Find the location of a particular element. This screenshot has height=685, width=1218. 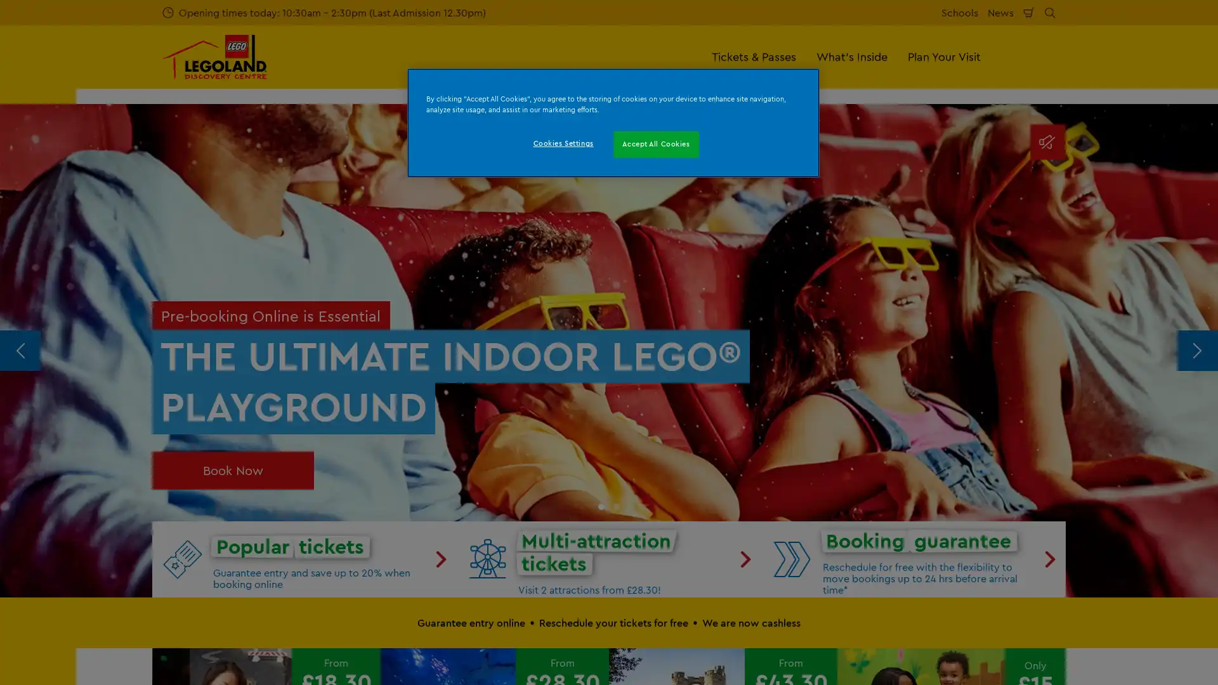

Go to slide 1 is located at coordinates (601, 506).